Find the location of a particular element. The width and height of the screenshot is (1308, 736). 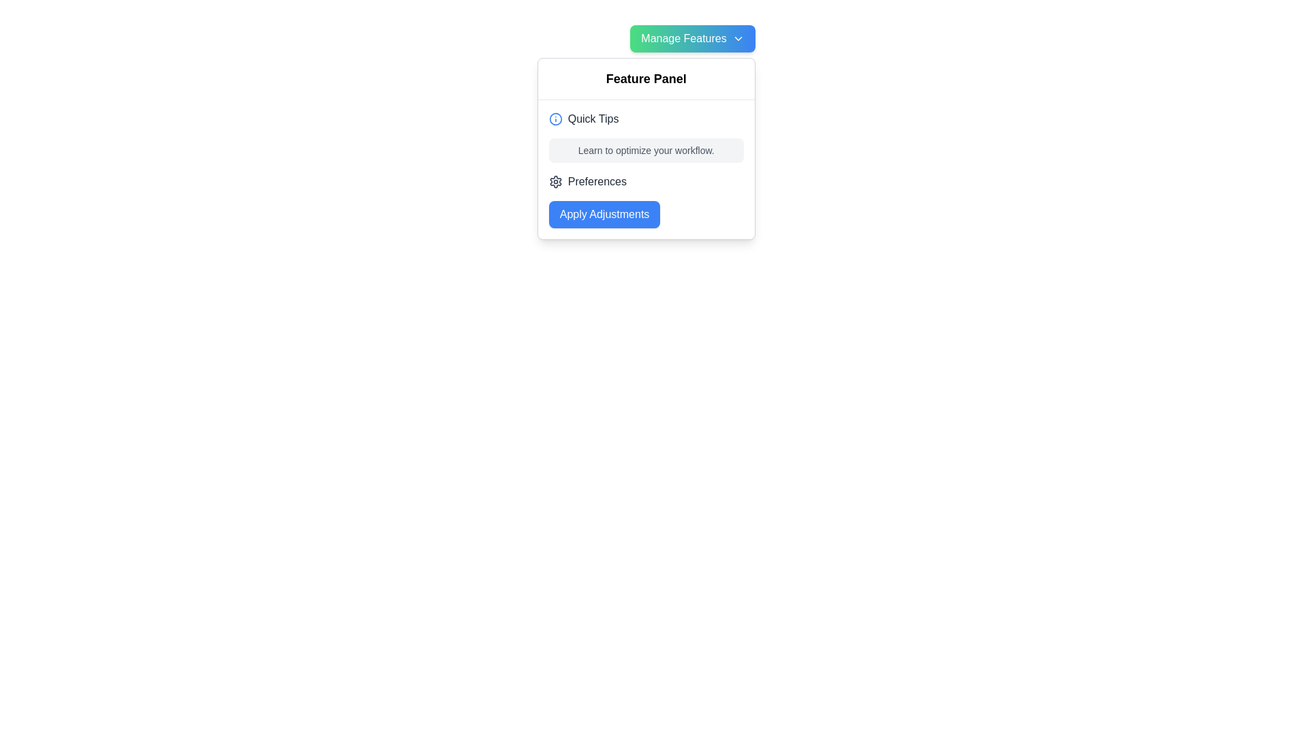

the 'Quick Tips' panel section is located at coordinates (645, 169).